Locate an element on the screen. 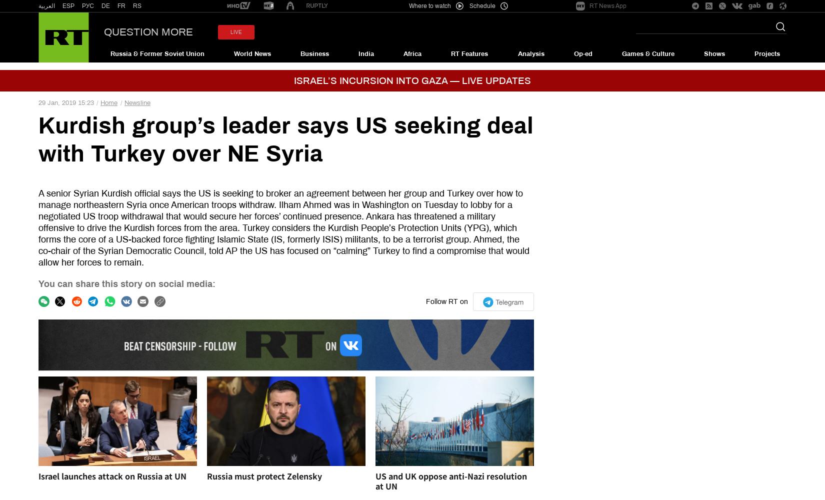 The height and width of the screenshot is (500, 825). 'A senior Syrian Kurdish official says the US is seeking to broker an agreement between her group and Turkey over how to manage northeastern Syria once American troops withdraw. Ilham Ahmed was in Washington on Tuesday to lobby for a negotiated US troop withdrawal that would secure her forces’ continued presence. Ankara has threatened a military offensive to drive the Kurdish forces from the area. Turkey considers the Kurdish People’s Protection Units (YPG), which forms the core of a US-backed force fighting Islamic State (IS, formerly ISIS) militants, to be a terrorist group. Ahmed, the co-chair of the Syrian Democratic Council, told AP the US has focused on “calming” Turkey to find a compromise that would allow her forces to remain.' is located at coordinates (283, 227).